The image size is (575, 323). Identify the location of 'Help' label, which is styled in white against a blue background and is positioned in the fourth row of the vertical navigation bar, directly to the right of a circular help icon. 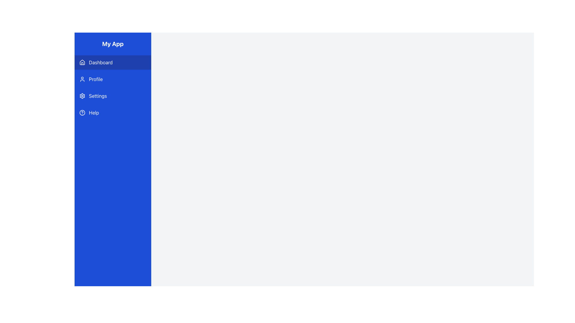
(93, 113).